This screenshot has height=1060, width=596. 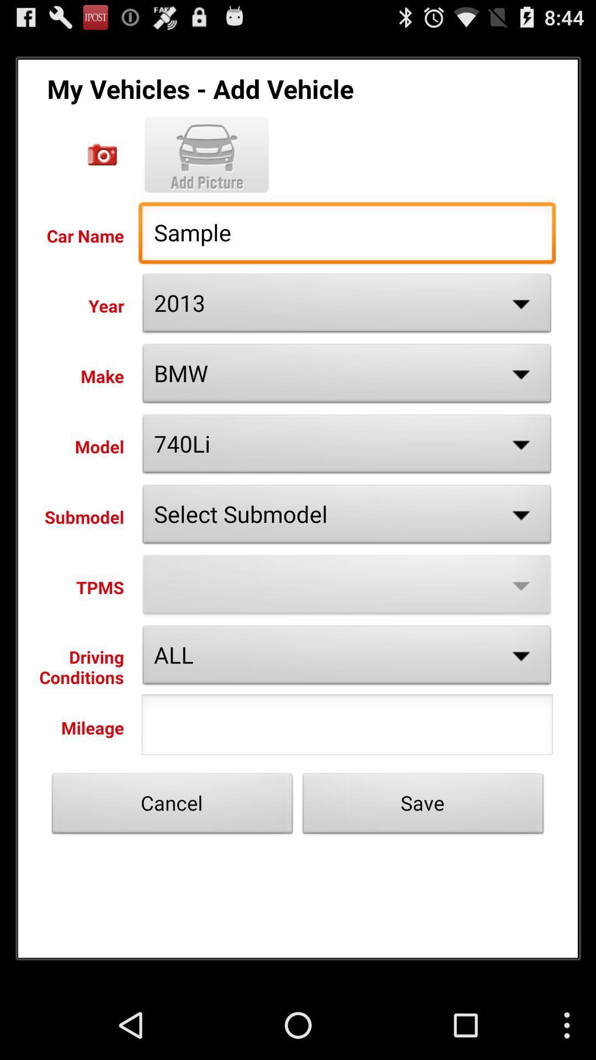 What do you see at coordinates (102, 154) in the screenshot?
I see `car name` at bounding box center [102, 154].